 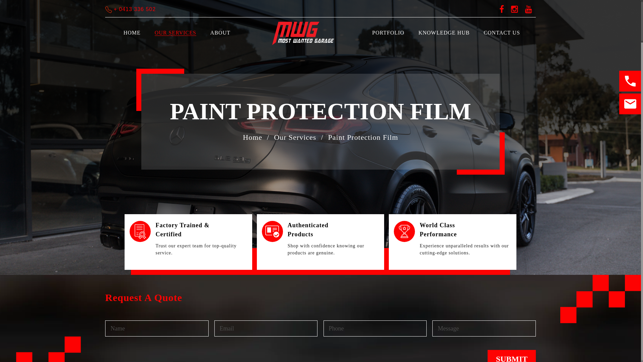 What do you see at coordinates (220, 33) in the screenshot?
I see `'ABOUT'` at bounding box center [220, 33].